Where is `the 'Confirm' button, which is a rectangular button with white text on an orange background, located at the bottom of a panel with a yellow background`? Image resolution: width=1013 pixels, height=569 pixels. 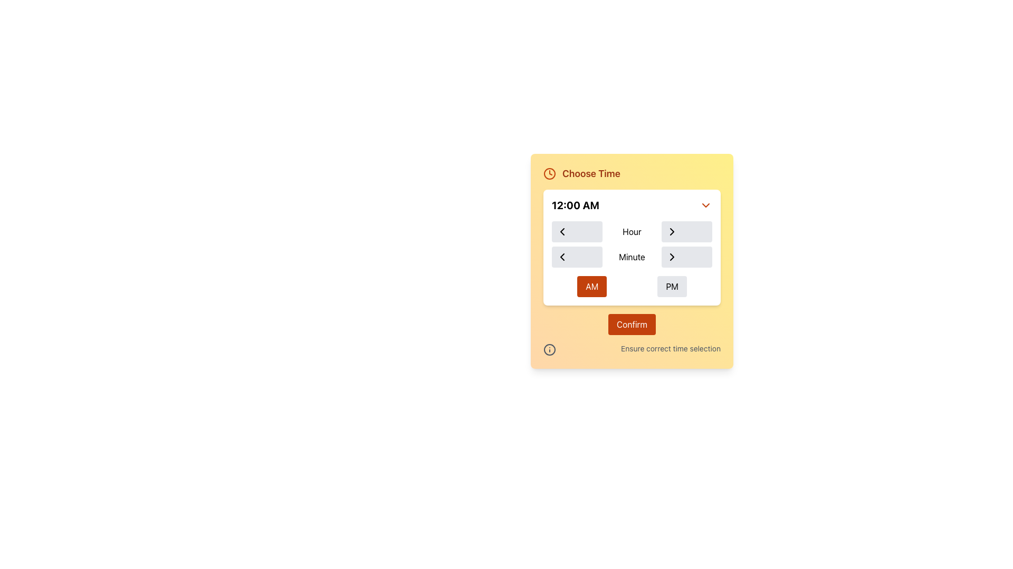
the 'Confirm' button, which is a rectangular button with white text on an orange background, located at the bottom of a panel with a yellow background is located at coordinates (632, 324).